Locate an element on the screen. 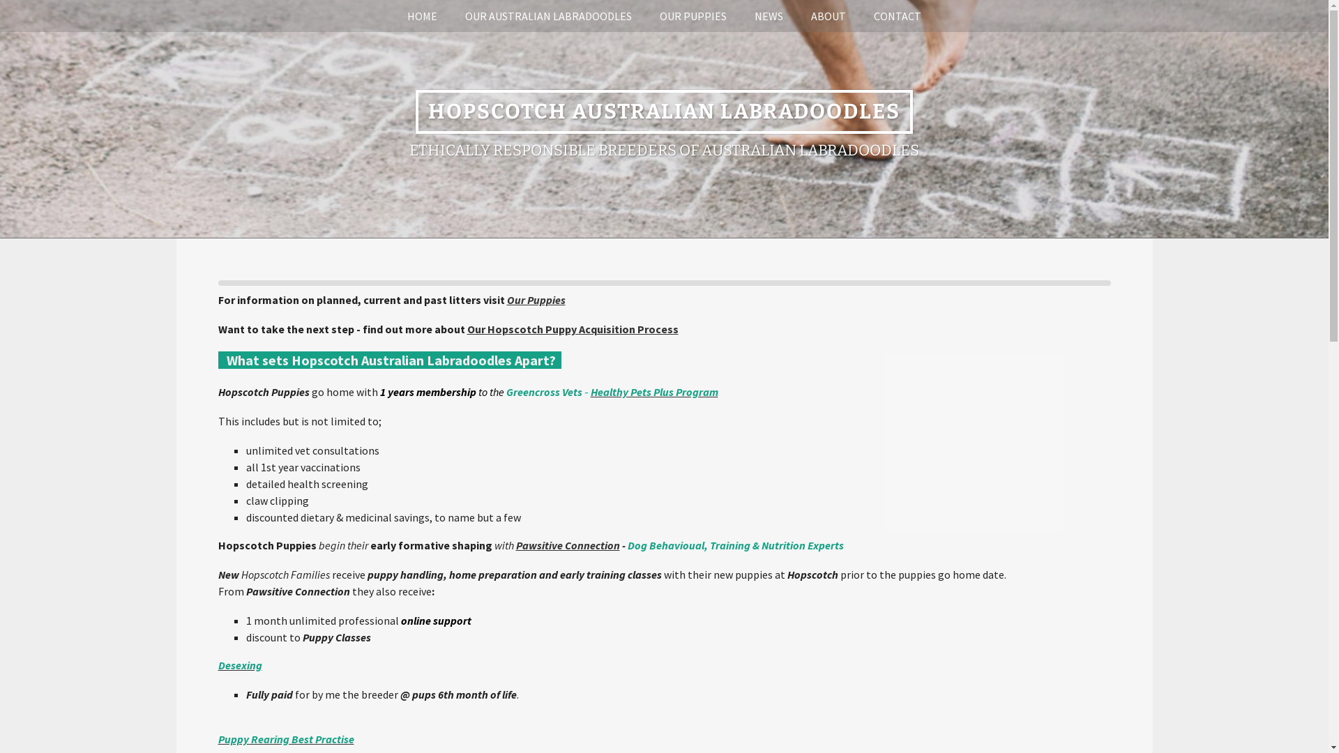 The width and height of the screenshot is (1339, 753). 'OUR PUPPIES' is located at coordinates (693, 16).